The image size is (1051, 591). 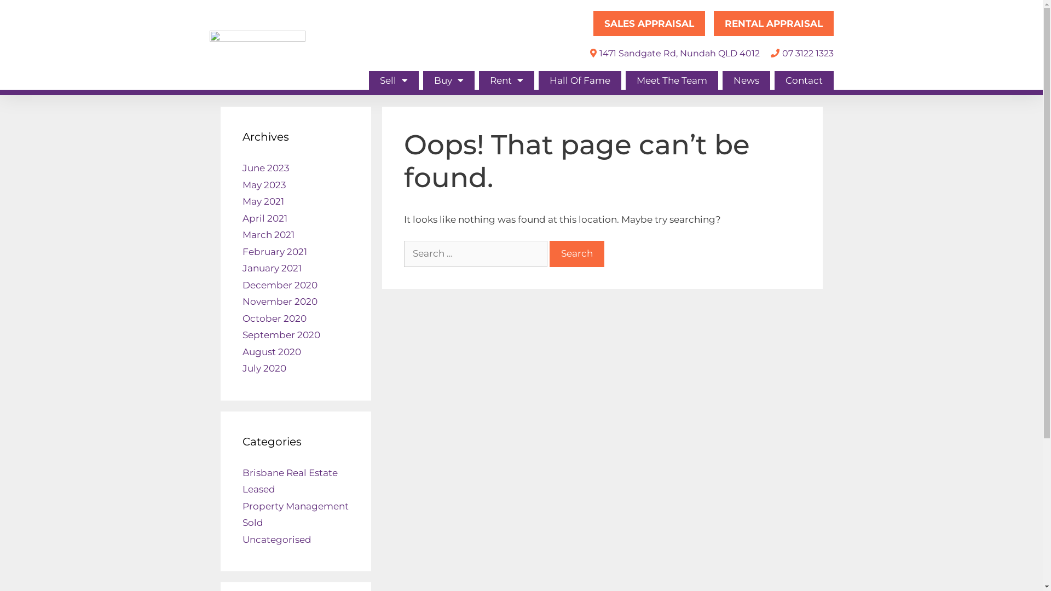 What do you see at coordinates (801, 53) in the screenshot?
I see `'07 3122 1323'` at bounding box center [801, 53].